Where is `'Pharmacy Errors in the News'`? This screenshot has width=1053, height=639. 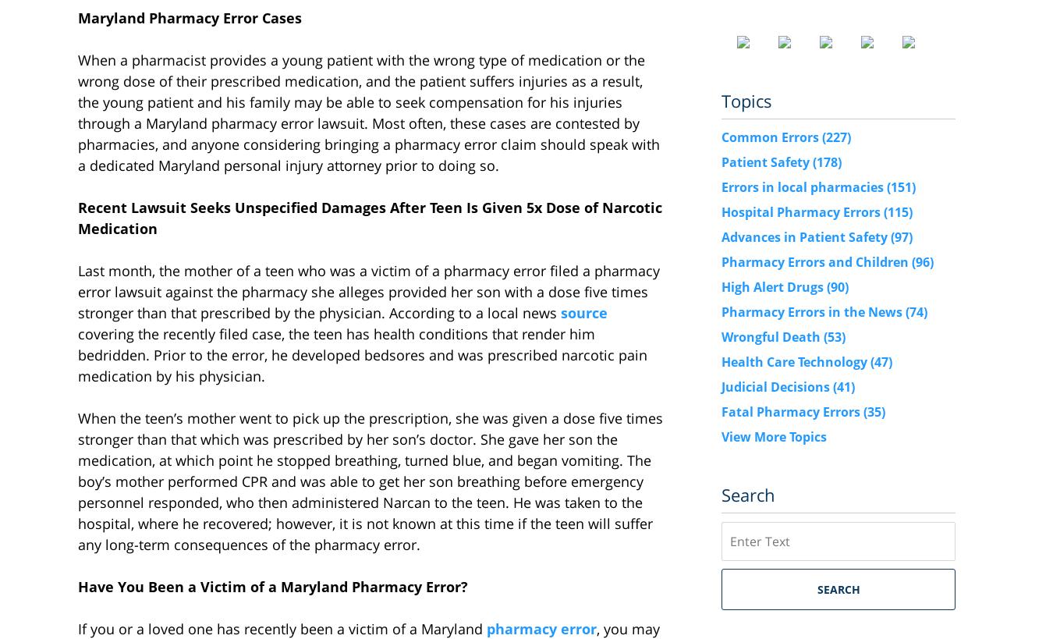 'Pharmacy Errors in the News' is located at coordinates (814, 311).